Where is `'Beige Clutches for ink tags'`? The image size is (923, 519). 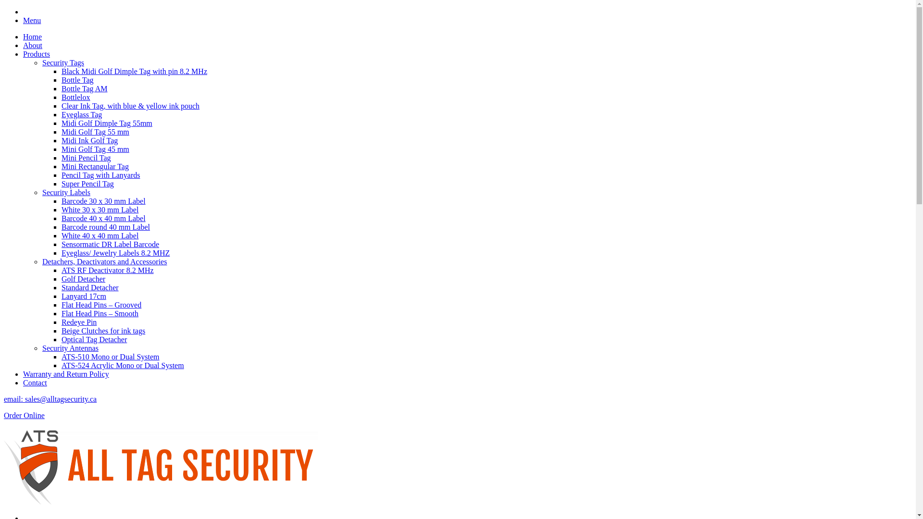
'Beige Clutches for ink tags' is located at coordinates (103, 330).